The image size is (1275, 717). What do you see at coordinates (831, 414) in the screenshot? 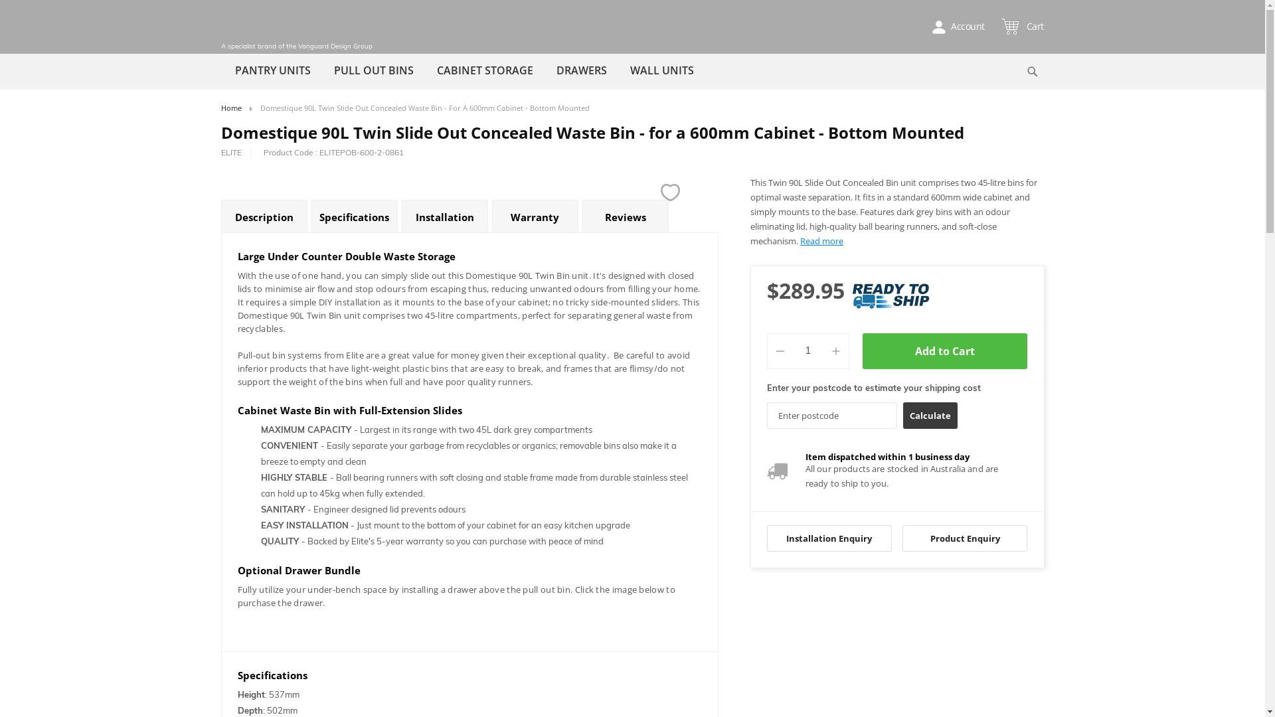
I see `'Postcode'` at bounding box center [831, 414].